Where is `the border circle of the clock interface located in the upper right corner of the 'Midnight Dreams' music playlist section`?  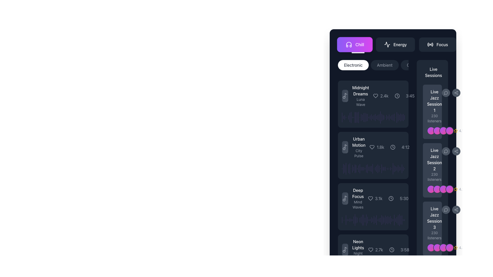
the border circle of the clock interface located in the upper right corner of the 'Midnight Dreams' music playlist section is located at coordinates (397, 96).